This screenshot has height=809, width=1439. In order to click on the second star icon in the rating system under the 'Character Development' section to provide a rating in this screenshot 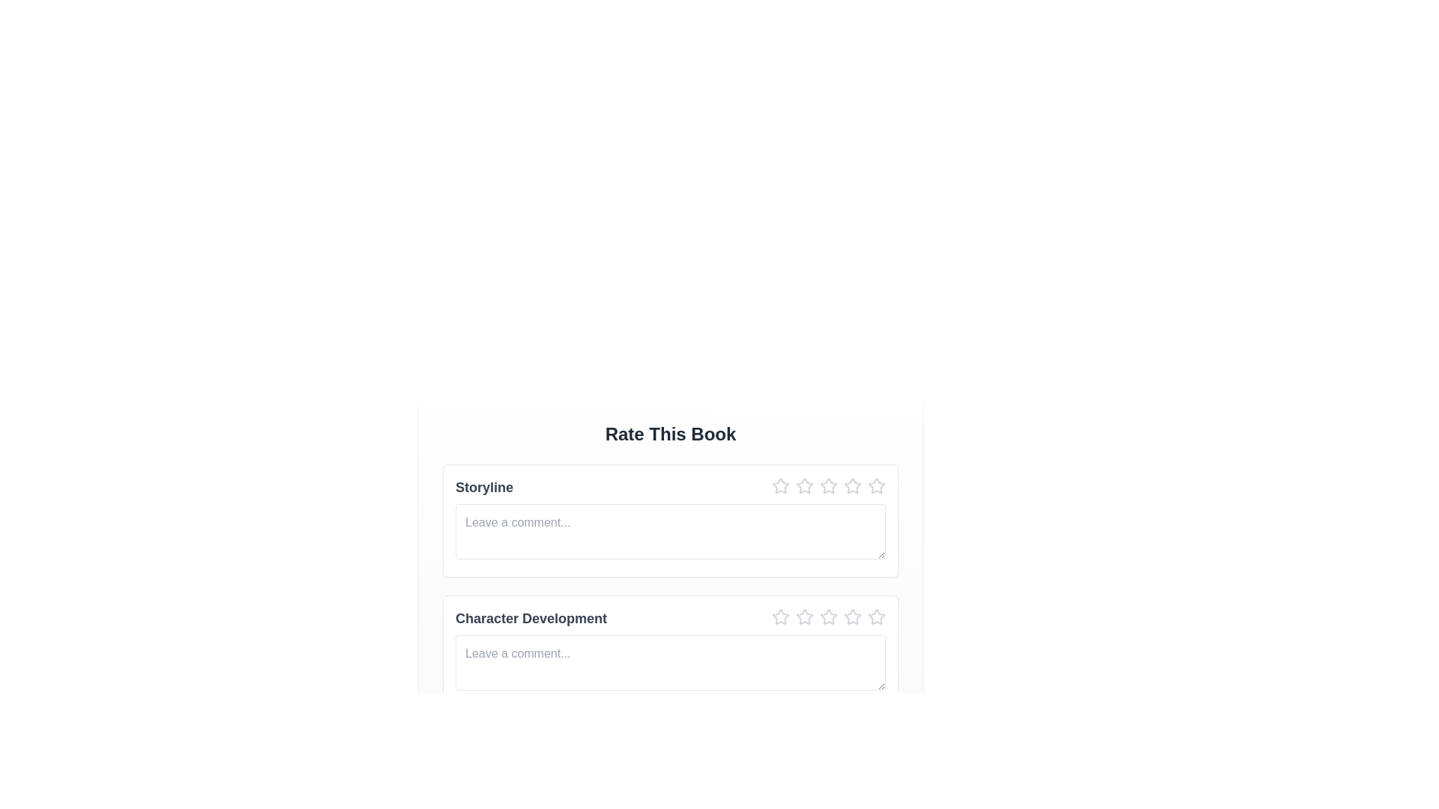, I will do `click(804, 616)`.